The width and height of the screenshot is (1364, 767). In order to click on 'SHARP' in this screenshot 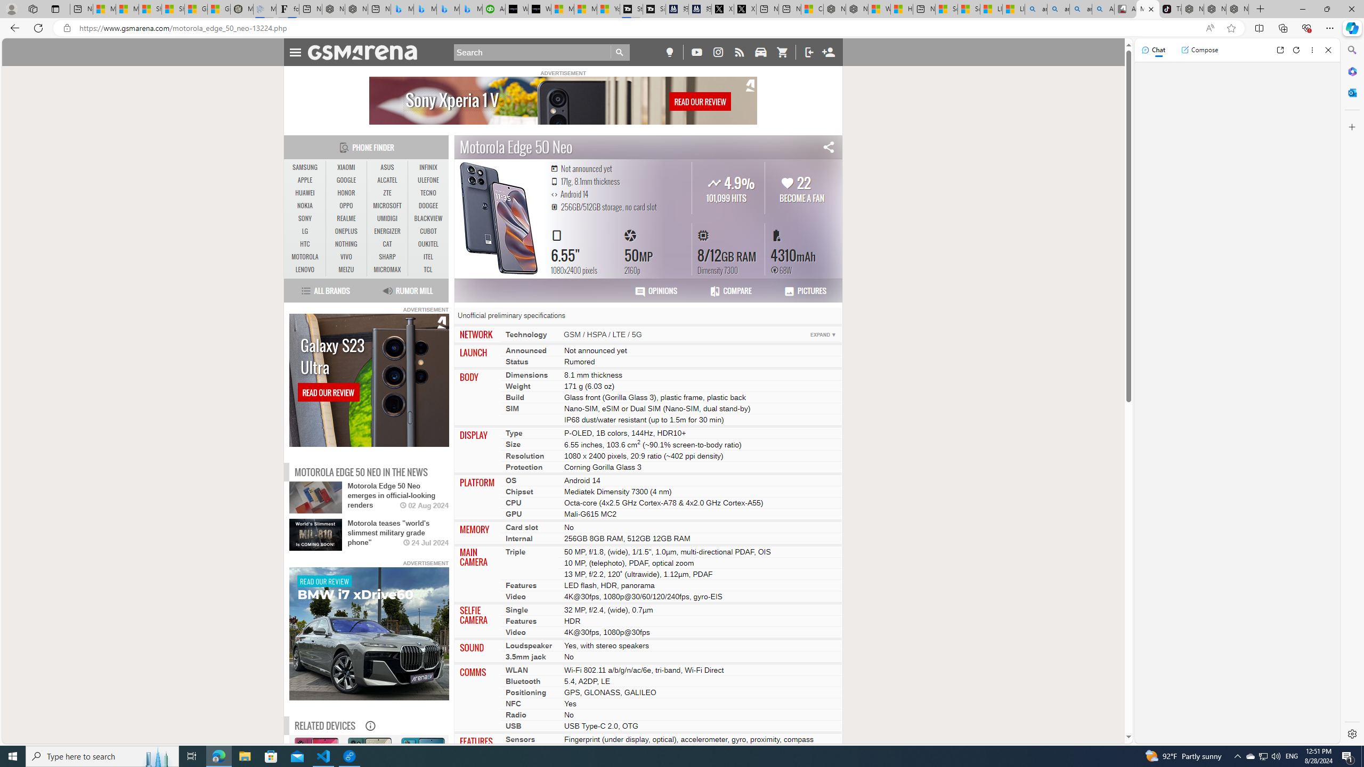, I will do `click(387, 257)`.